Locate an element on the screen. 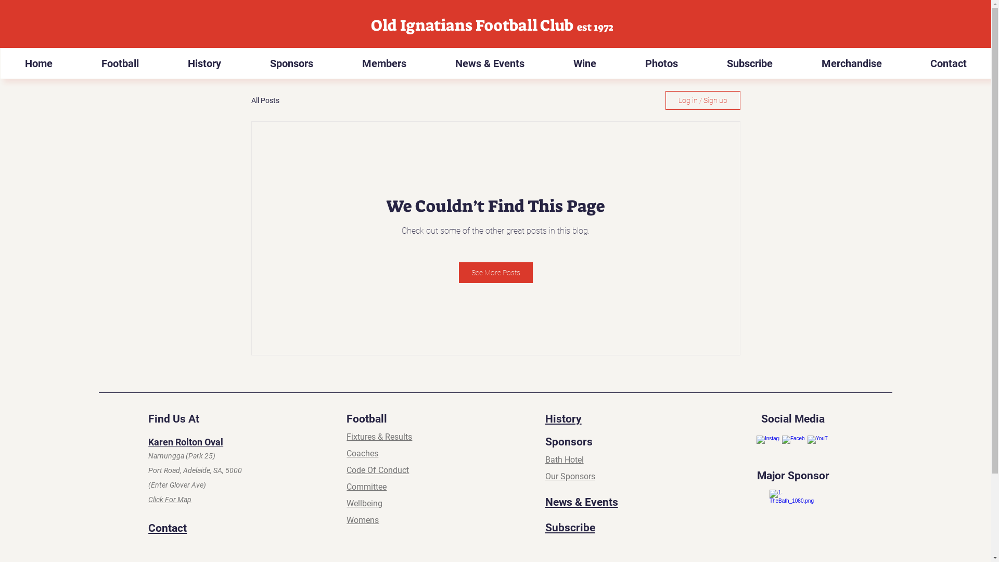  'Contact' is located at coordinates (948, 63).